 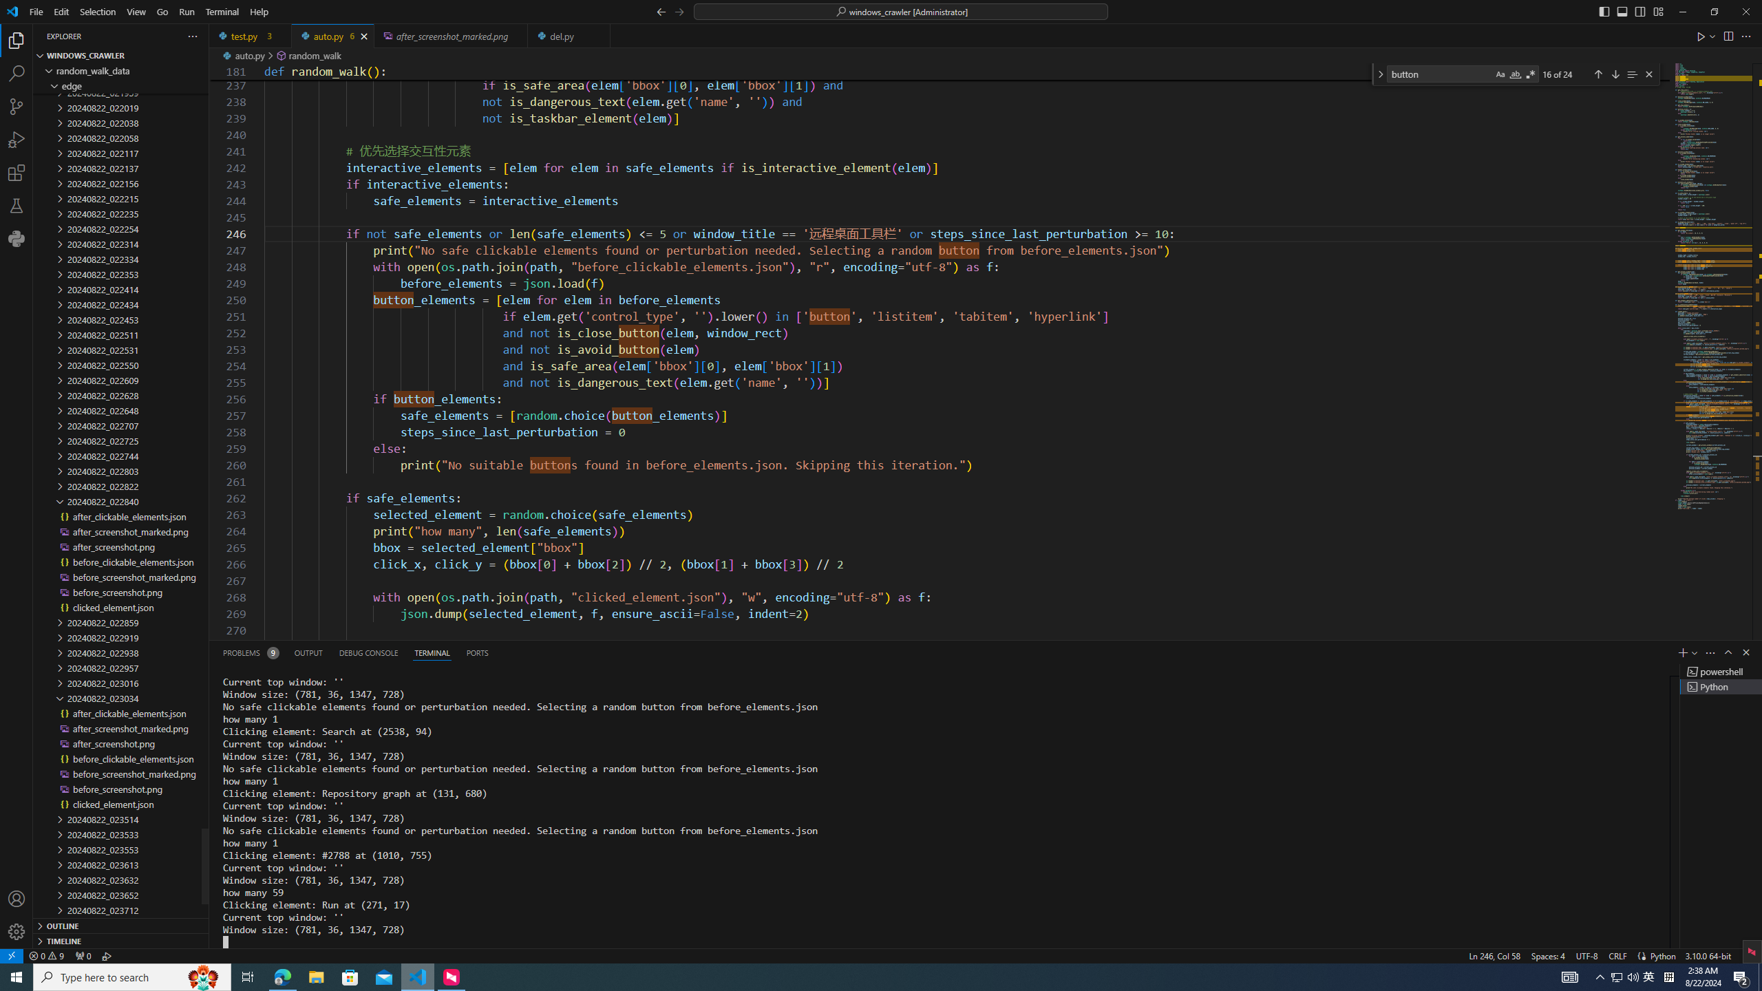 I want to click on 'Hide Panel', so click(x=1745, y=652).